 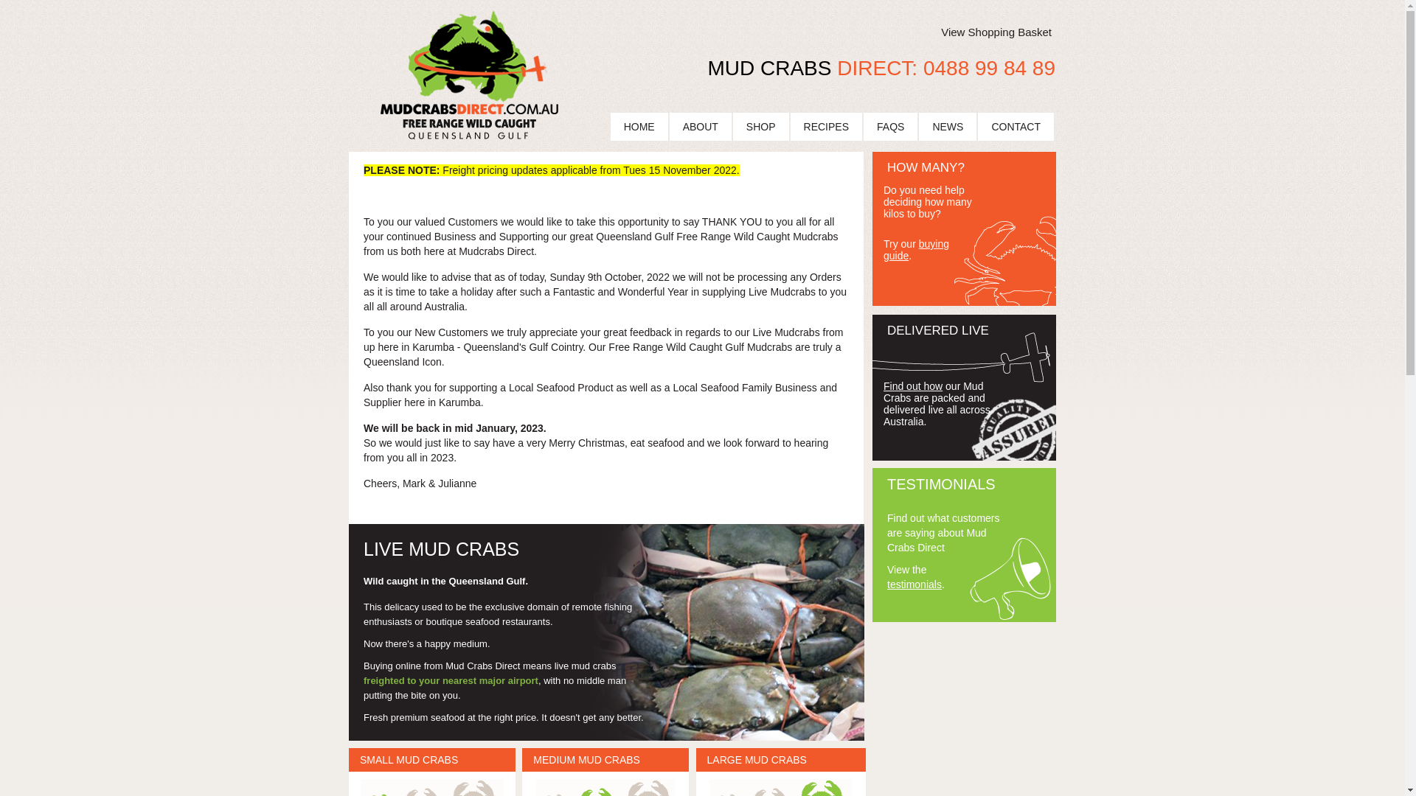 I want to click on 'NEWS', so click(x=948, y=126).